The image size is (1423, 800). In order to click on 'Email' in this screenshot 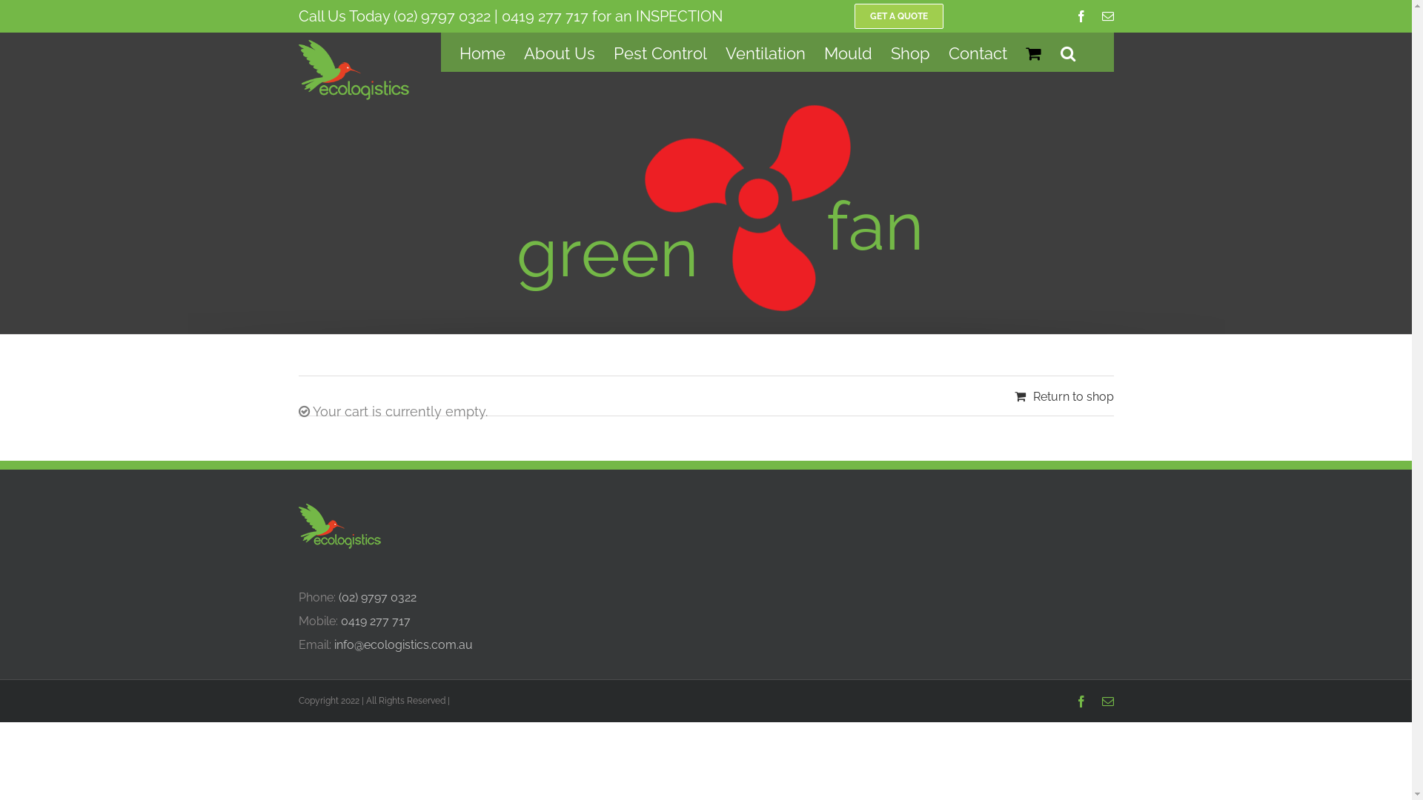, I will do `click(1107, 16)`.